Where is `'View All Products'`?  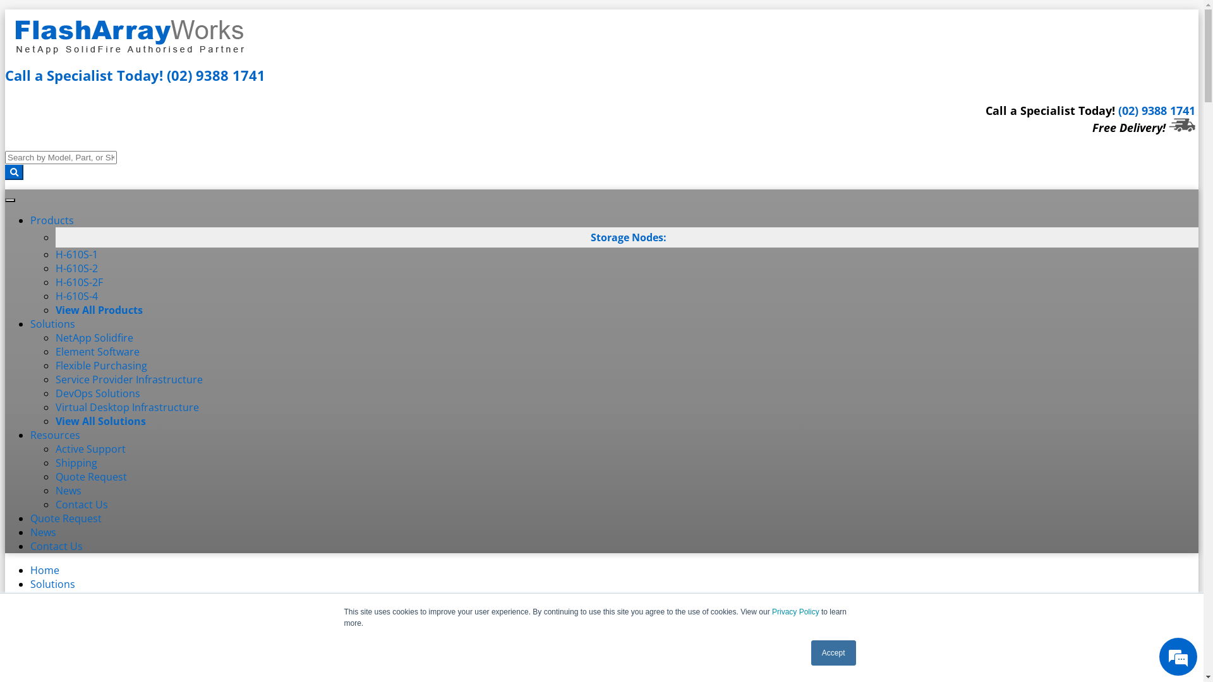 'View All Products' is located at coordinates (99, 309).